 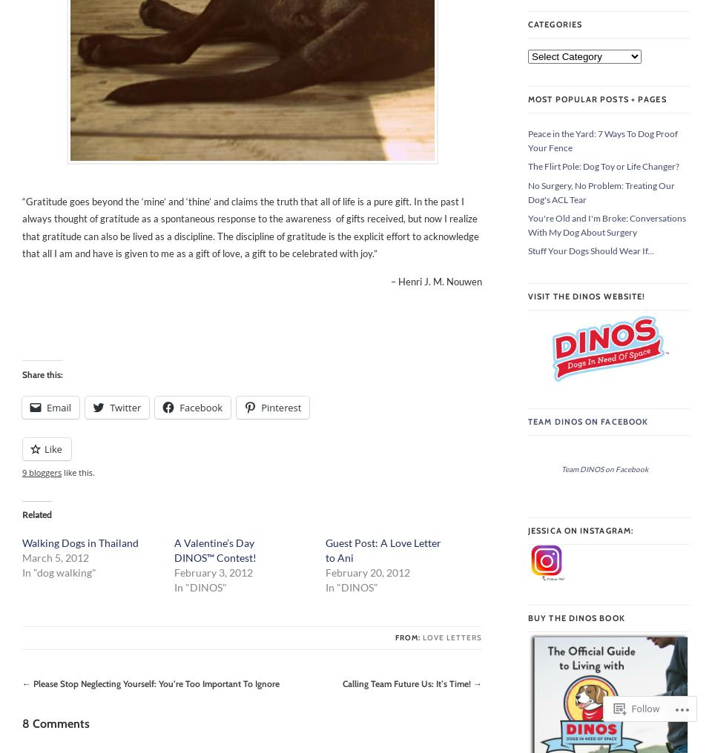 What do you see at coordinates (607, 224) in the screenshot?
I see `'You're Old and I'm Broke: Conversations With My Dog About Surgery'` at bounding box center [607, 224].